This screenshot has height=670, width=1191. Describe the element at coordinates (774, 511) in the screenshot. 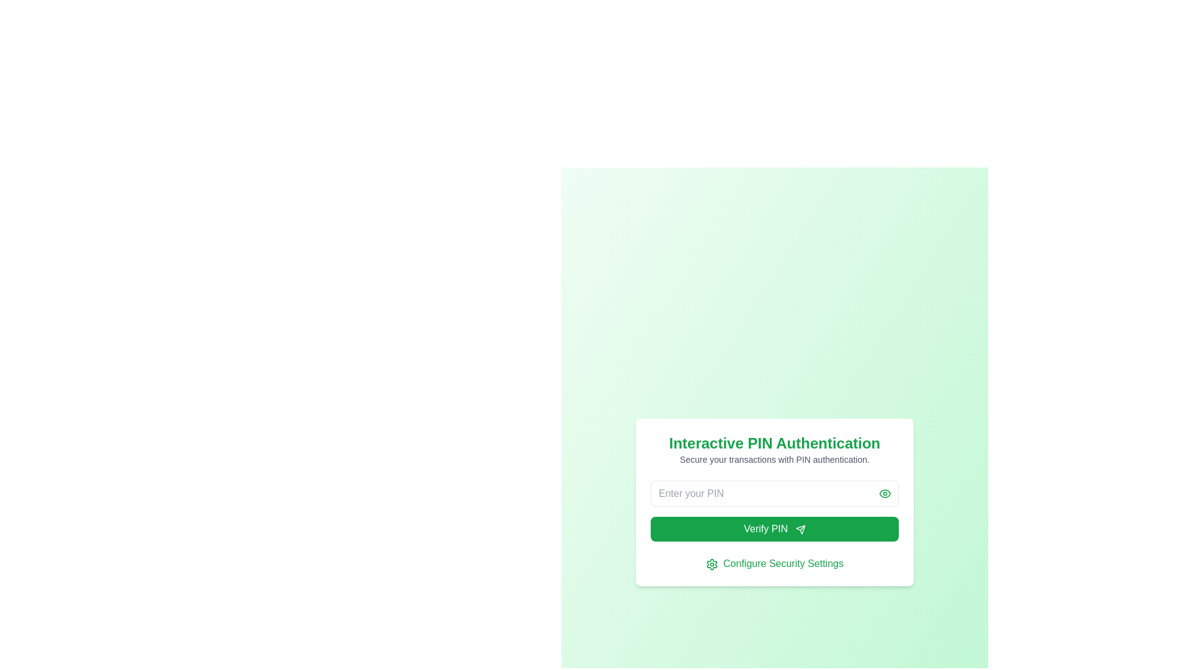

I see `the green button labeled 'Verify PIN' to observe the hover effects` at that location.